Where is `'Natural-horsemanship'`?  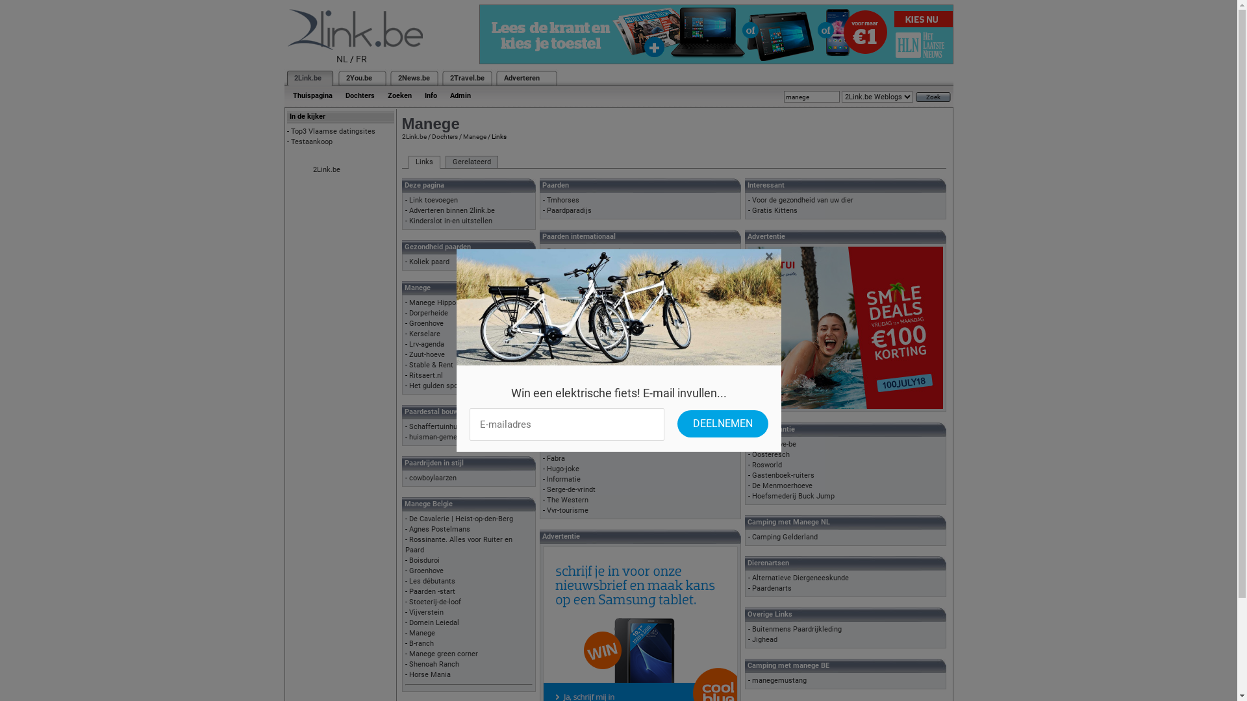
'Natural-horsemanship' is located at coordinates (546, 386).